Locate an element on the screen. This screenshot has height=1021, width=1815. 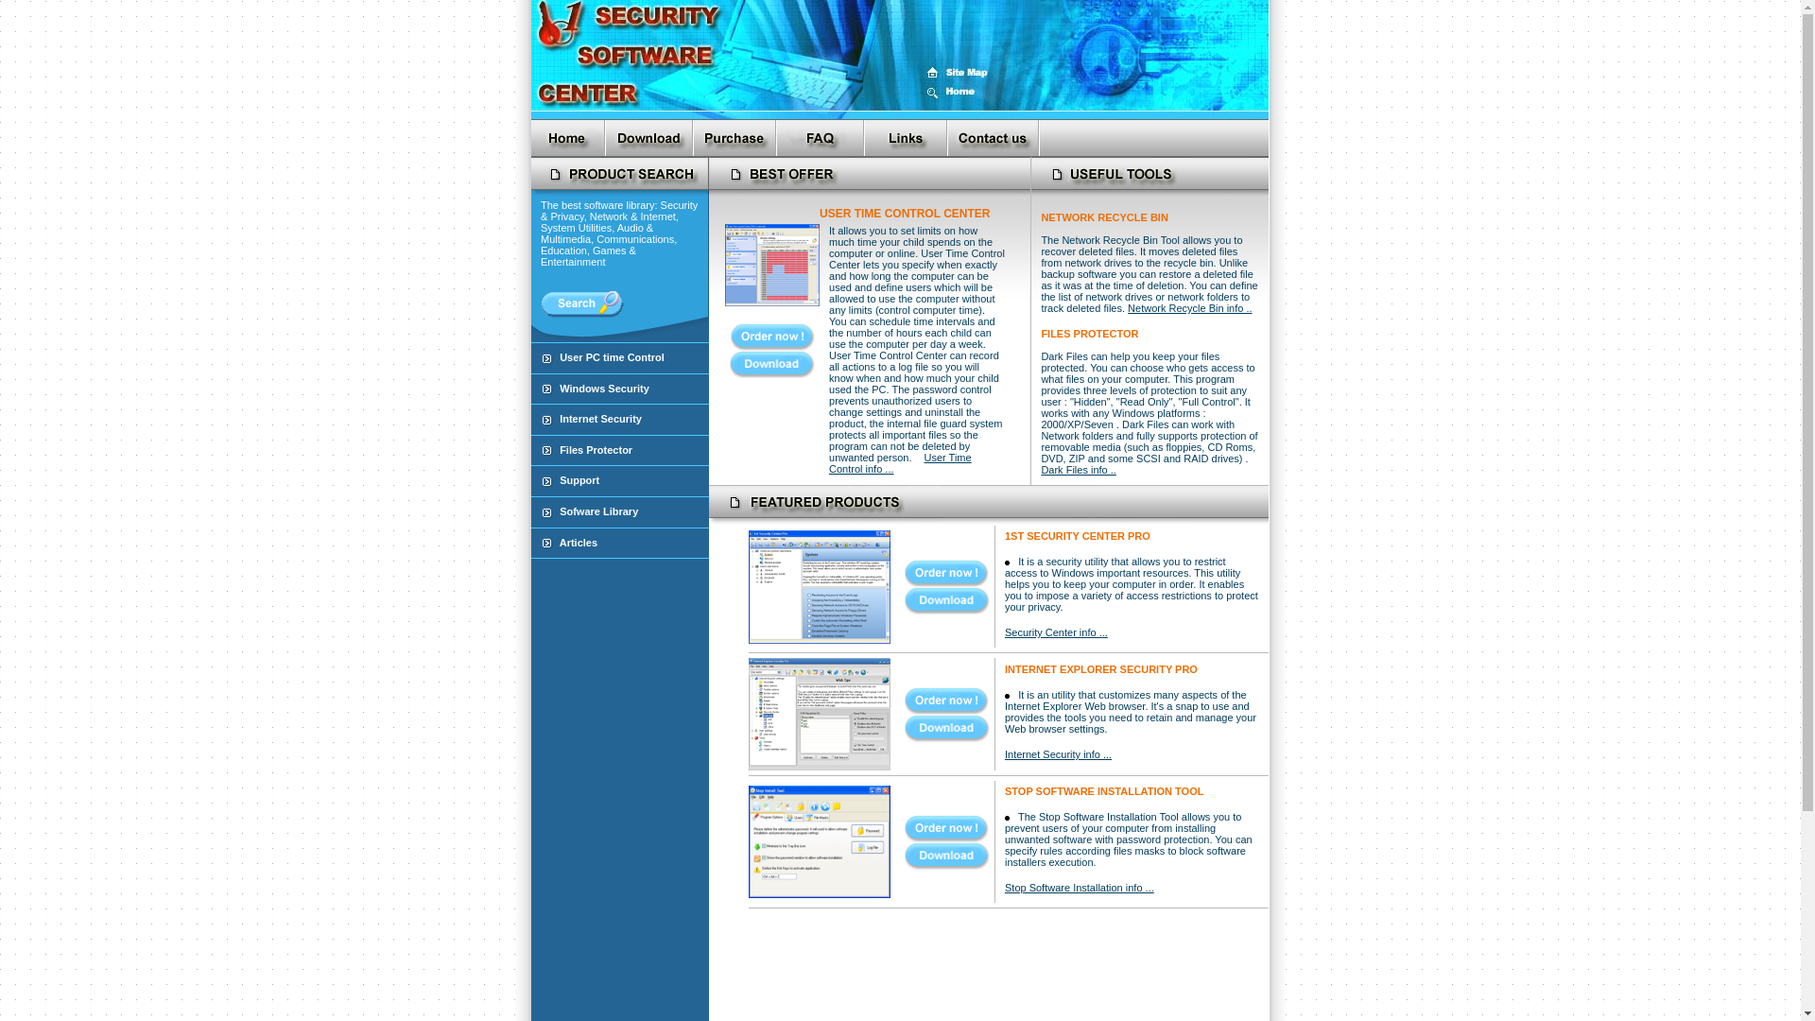
'Security Center info ...' is located at coordinates (1055, 632).